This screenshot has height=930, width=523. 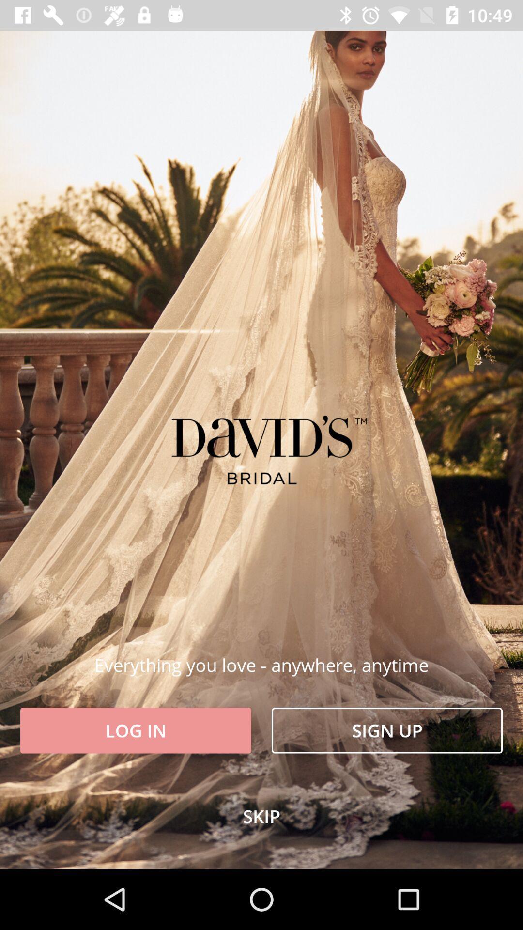 What do you see at coordinates (386, 730) in the screenshot?
I see `the icon above skip icon` at bounding box center [386, 730].